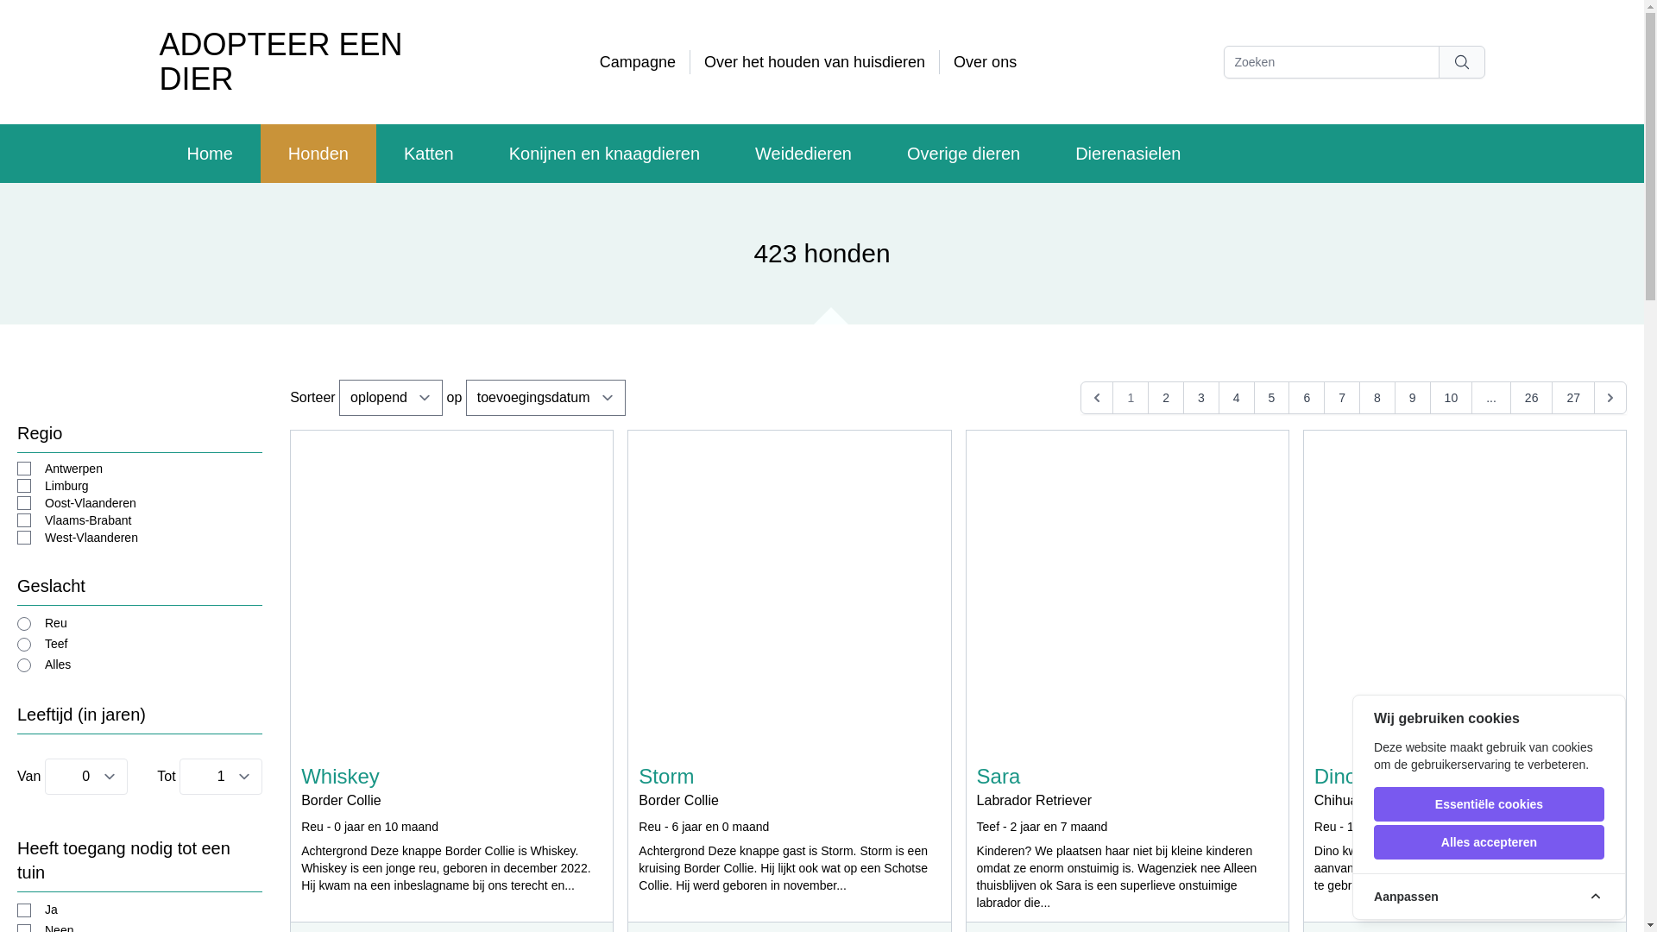  I want to click on 'ADOPTEER EEN DIER', so click(158, 61).